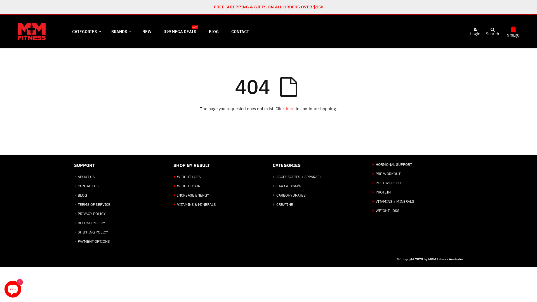 The height and width of the screenshot is (302, 537). I want to click on 'CONTACT US', so click(77, 186).